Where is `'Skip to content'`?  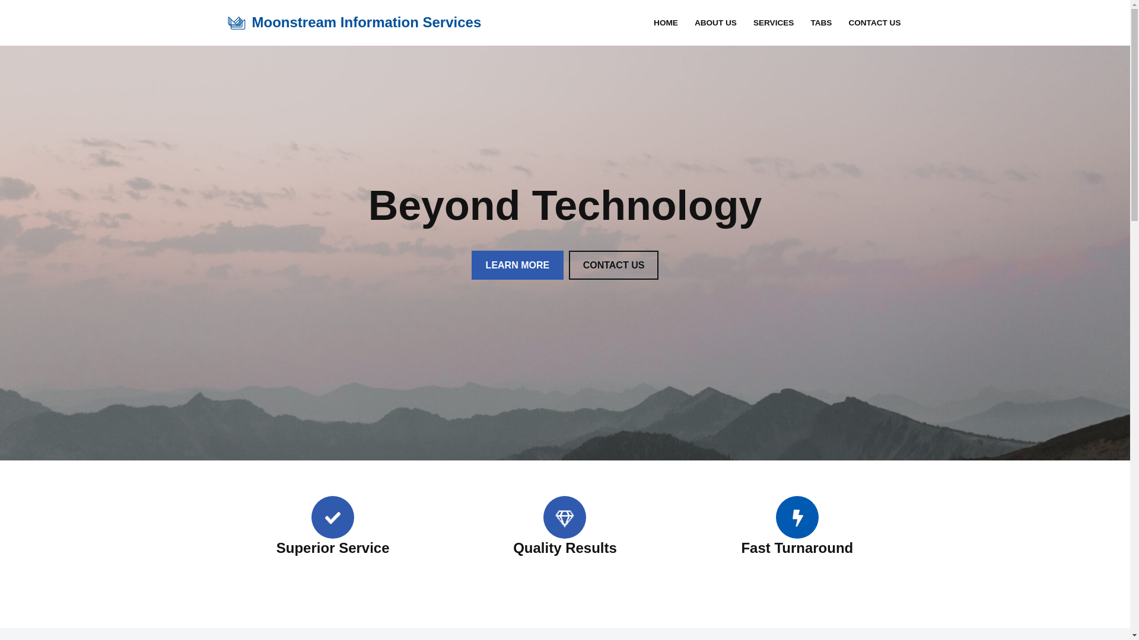 'Skip to content' is located at coordinates (8, 25).